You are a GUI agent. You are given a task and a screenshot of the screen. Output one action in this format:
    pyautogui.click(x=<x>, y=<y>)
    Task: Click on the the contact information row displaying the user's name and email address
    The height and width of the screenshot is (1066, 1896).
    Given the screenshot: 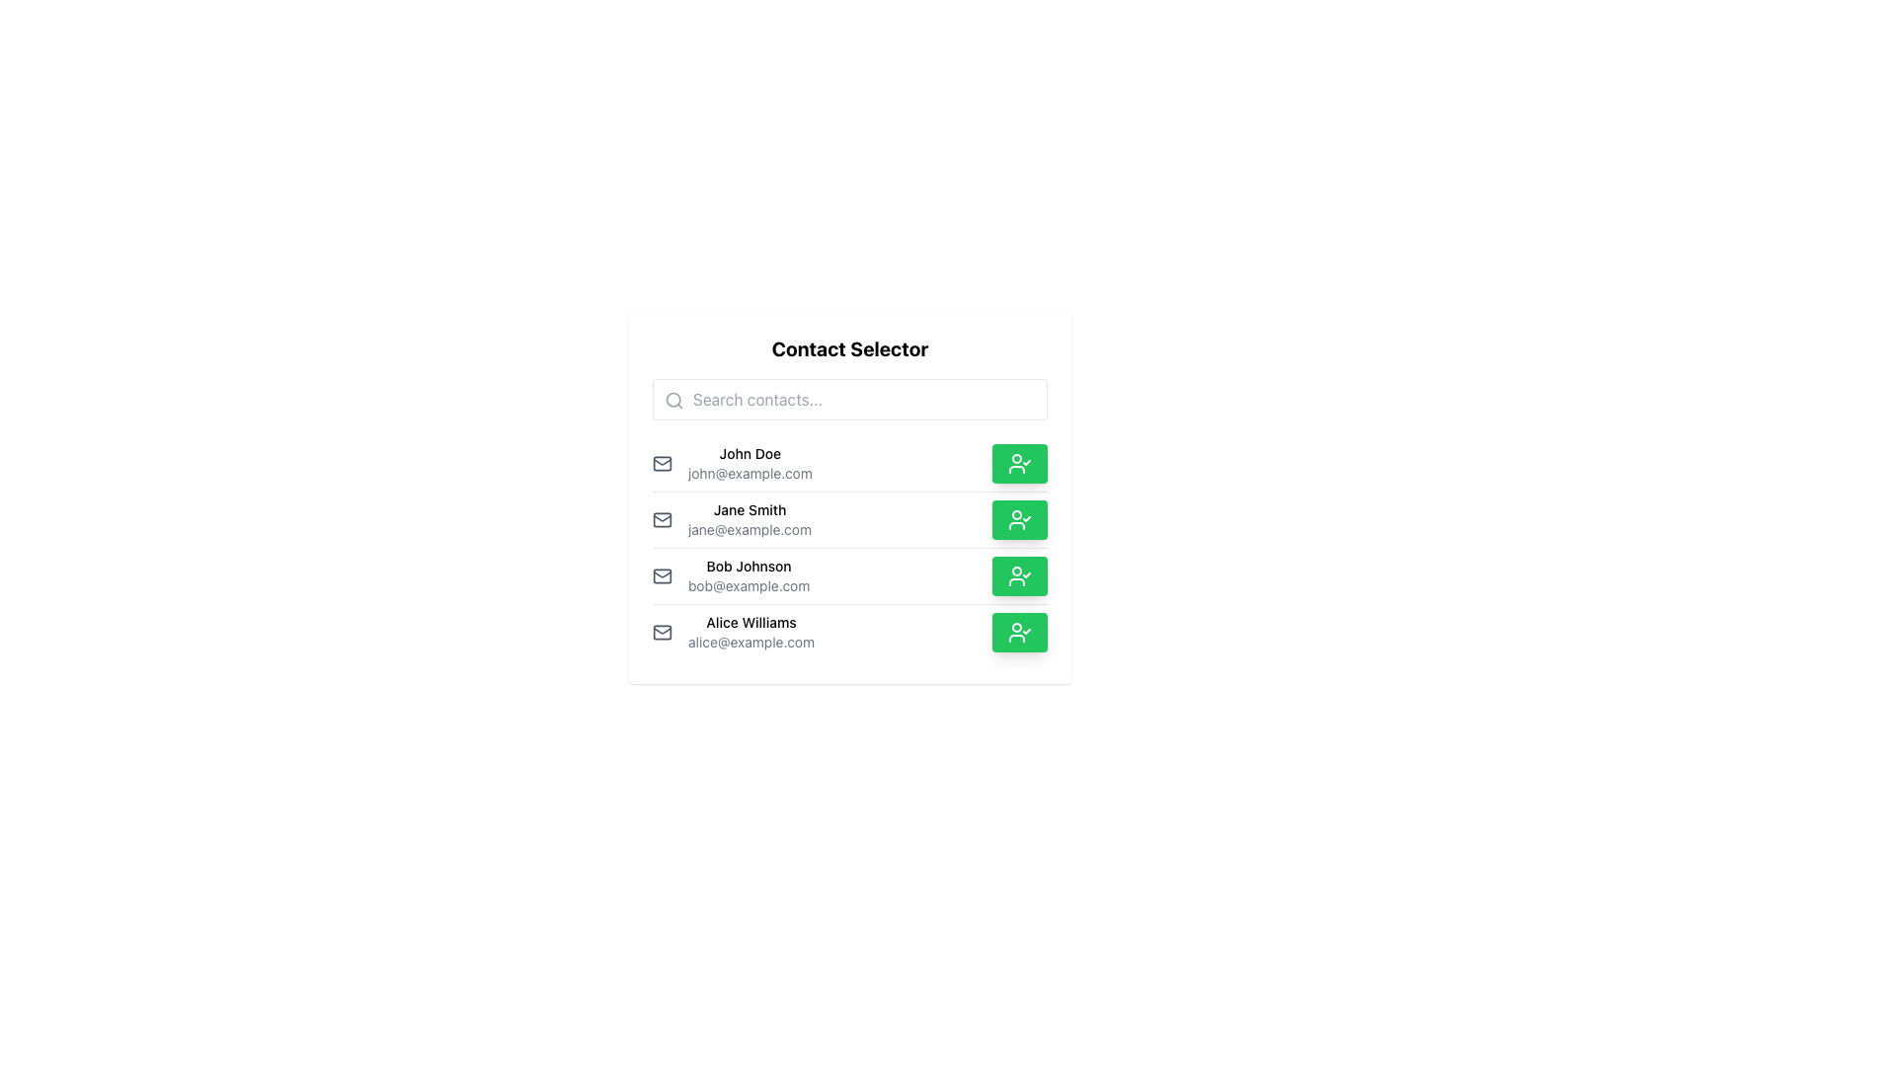 What is the action you would take?
    pyautogui.click(x=749, y=464)
    